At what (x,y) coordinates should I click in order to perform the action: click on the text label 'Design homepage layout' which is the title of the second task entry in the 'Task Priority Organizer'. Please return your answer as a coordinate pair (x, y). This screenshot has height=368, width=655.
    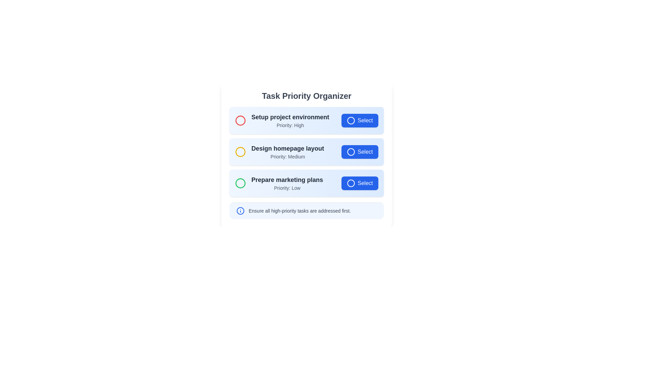
    Looking at the image, I should click on (288, 148).